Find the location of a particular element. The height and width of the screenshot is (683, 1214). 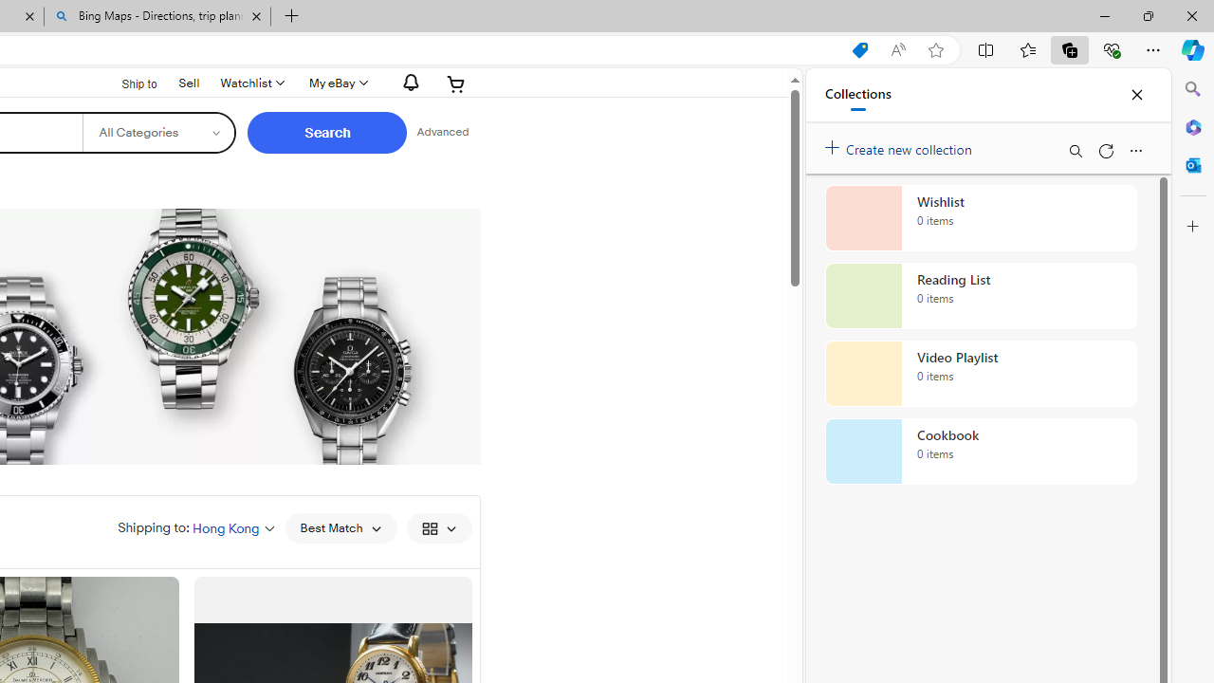

'Wishlist collection, 0 items' is located at coordinates (981, 217).